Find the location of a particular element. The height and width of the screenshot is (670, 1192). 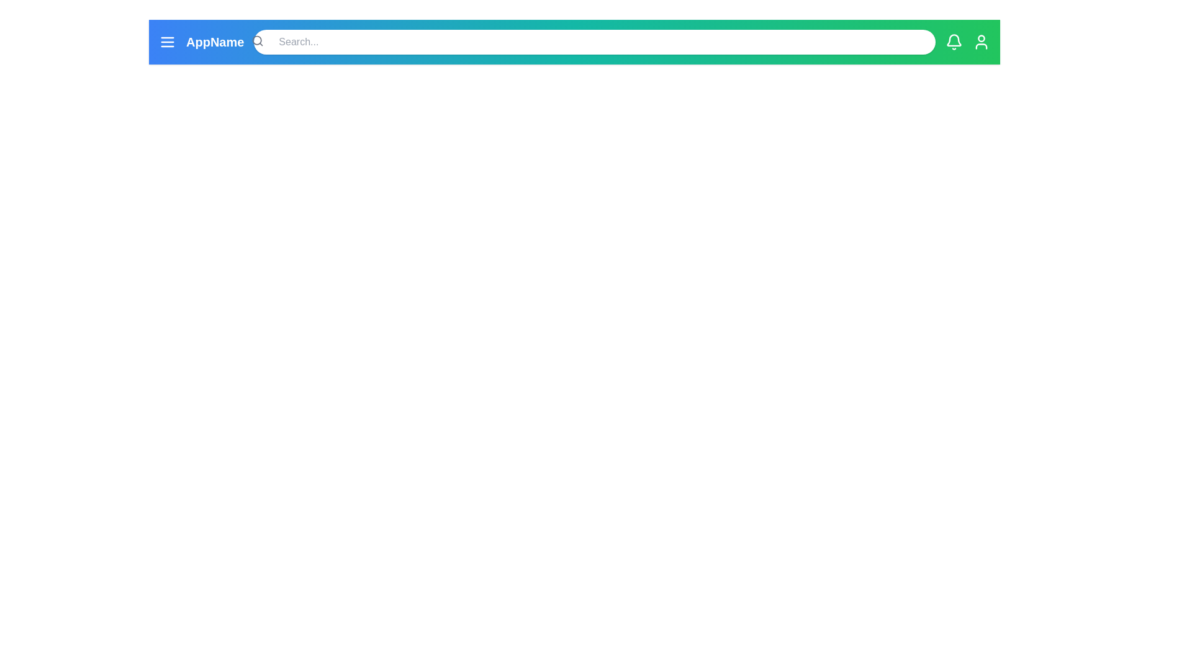

the menu icon to open the menu is located at coordinates (166, 42).